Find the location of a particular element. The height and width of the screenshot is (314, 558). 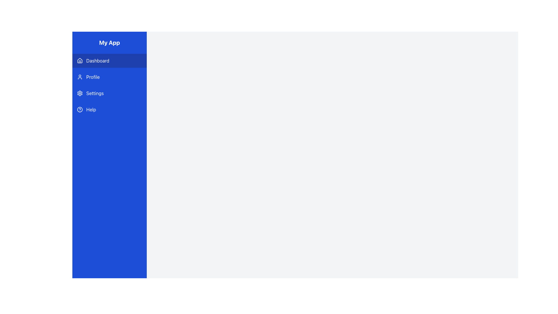

the 'Dashboard' text label on the left-hand navigation bar is located at coordinates (98, 60).